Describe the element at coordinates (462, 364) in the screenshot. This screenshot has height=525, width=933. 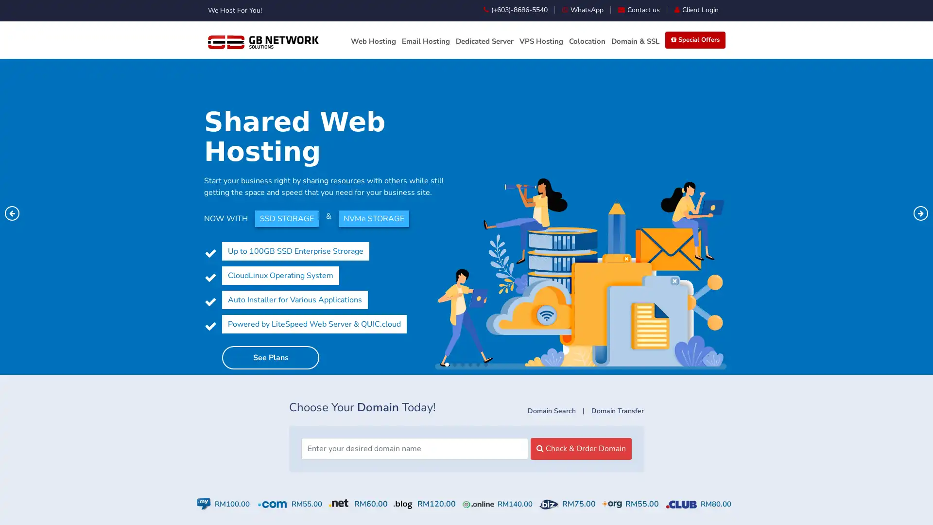
I see `Go to slide 3` at that location.